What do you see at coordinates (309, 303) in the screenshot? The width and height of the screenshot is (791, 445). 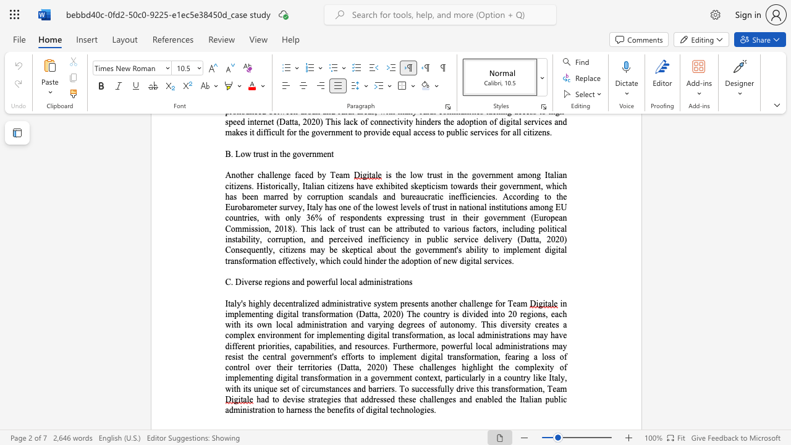 I see `the 1th character "z" in the text` at bounding box center [309, 303].